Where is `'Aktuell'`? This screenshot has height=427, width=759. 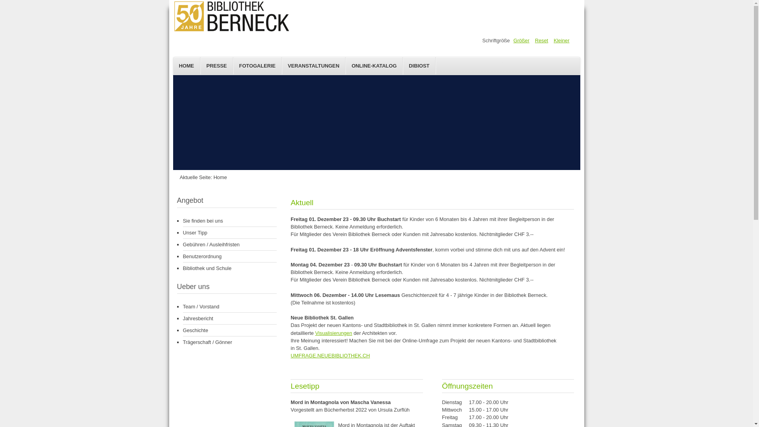 'Aktuell' is located at coordinates (290, 202).